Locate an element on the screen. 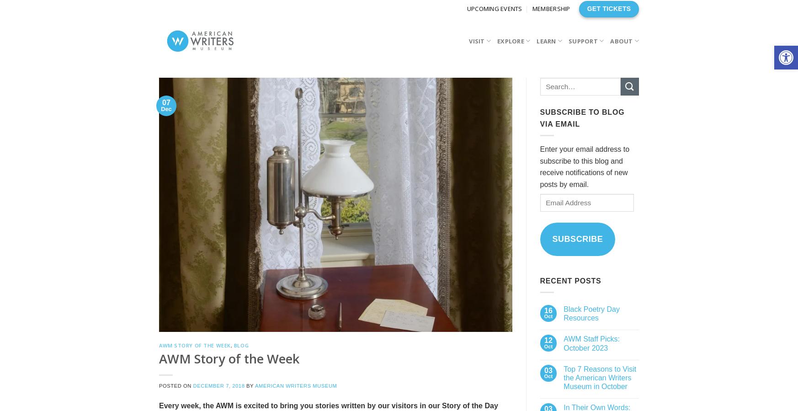  'American Writers Museum' is located at coordinates (296, 385).